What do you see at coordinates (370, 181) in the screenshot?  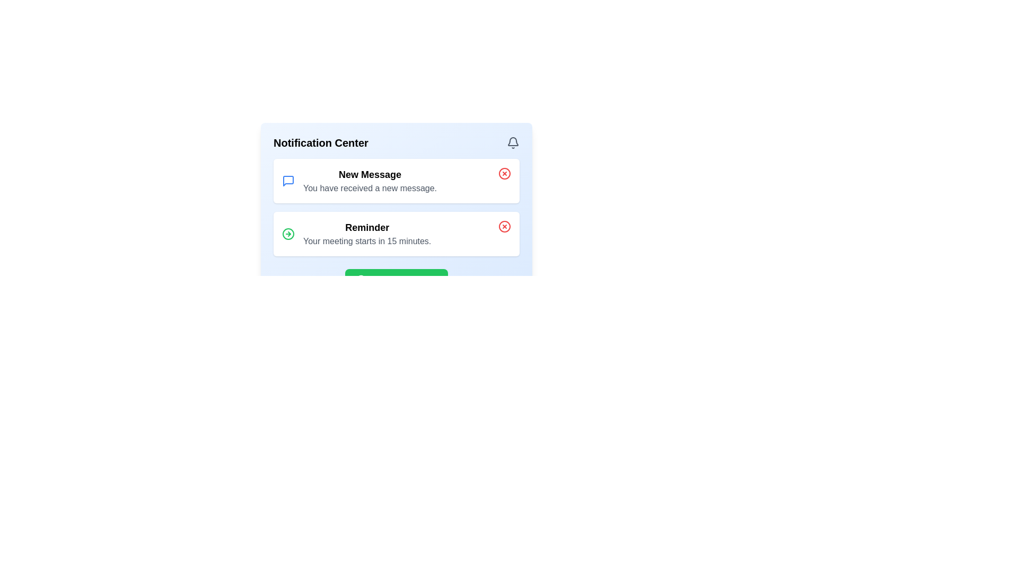 I see `displayed text in the notification center, which is a text block centrally positioned and serves to inform about a new message` at bounding box center [370, 181].